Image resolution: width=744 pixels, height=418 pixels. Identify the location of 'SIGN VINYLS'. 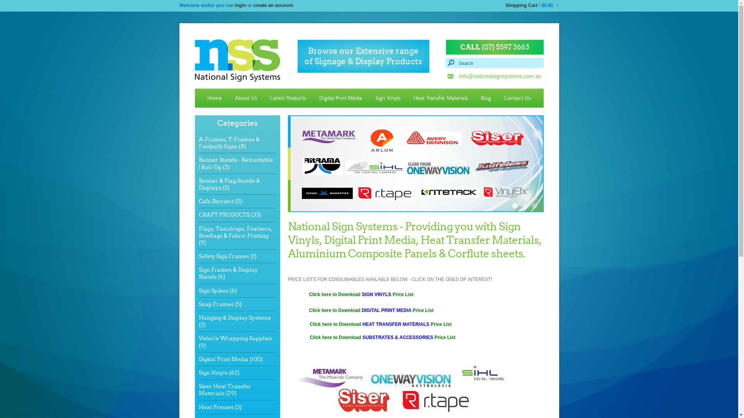
(377, 294).